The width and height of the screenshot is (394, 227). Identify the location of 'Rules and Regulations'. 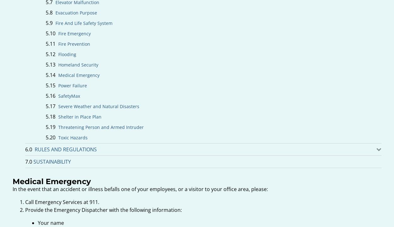
(65, 149).